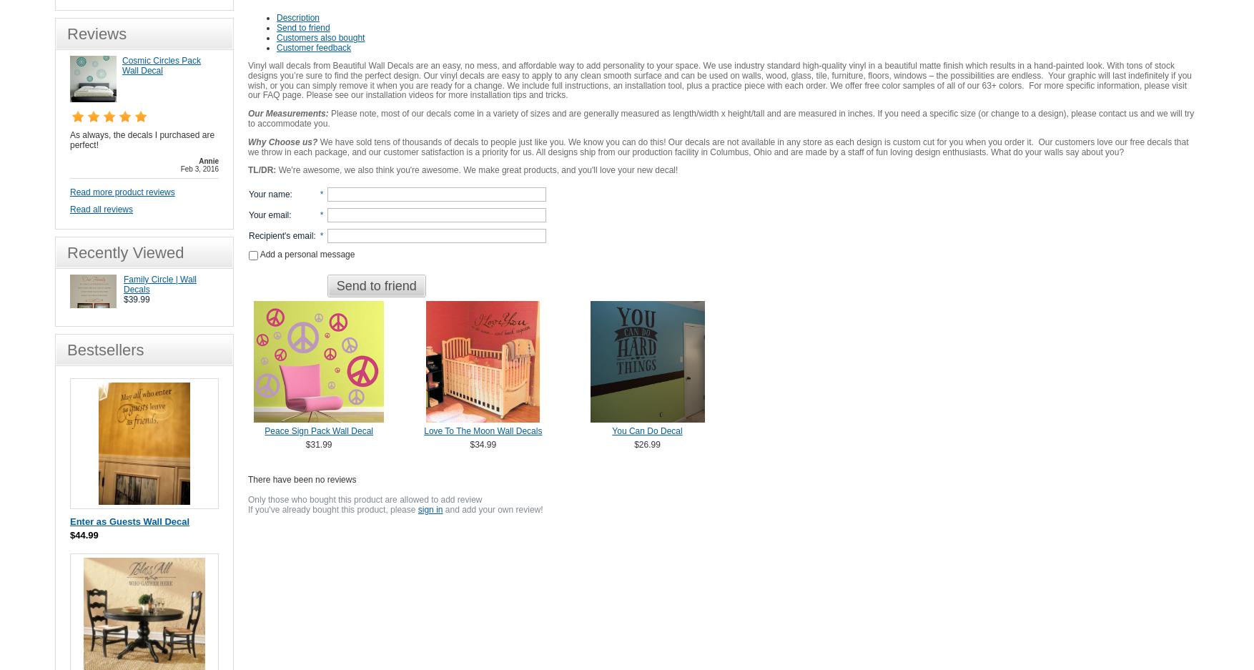  Describe the element at coordinates (647, 430) in the screenshot. I see `'You Can Do Decal'` at that location.